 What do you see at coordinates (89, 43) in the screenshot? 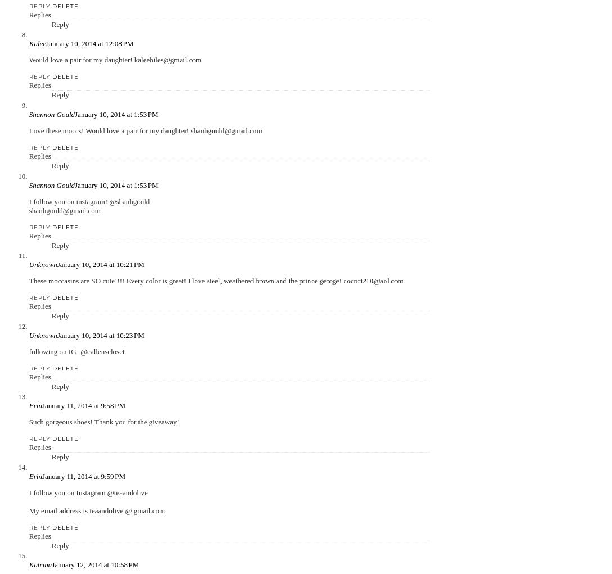
I see `'January 10, 2014 at 12:08 PM'` at bounding box center [89, 43].